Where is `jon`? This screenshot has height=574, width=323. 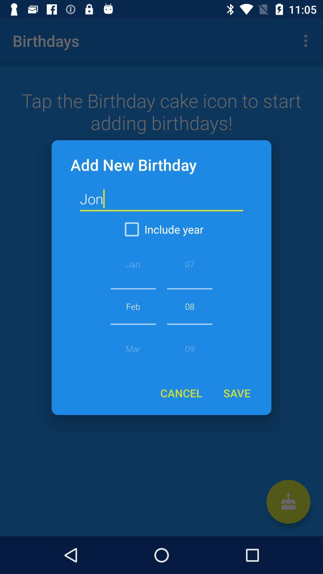 jon is located at coordinates (161, 199).